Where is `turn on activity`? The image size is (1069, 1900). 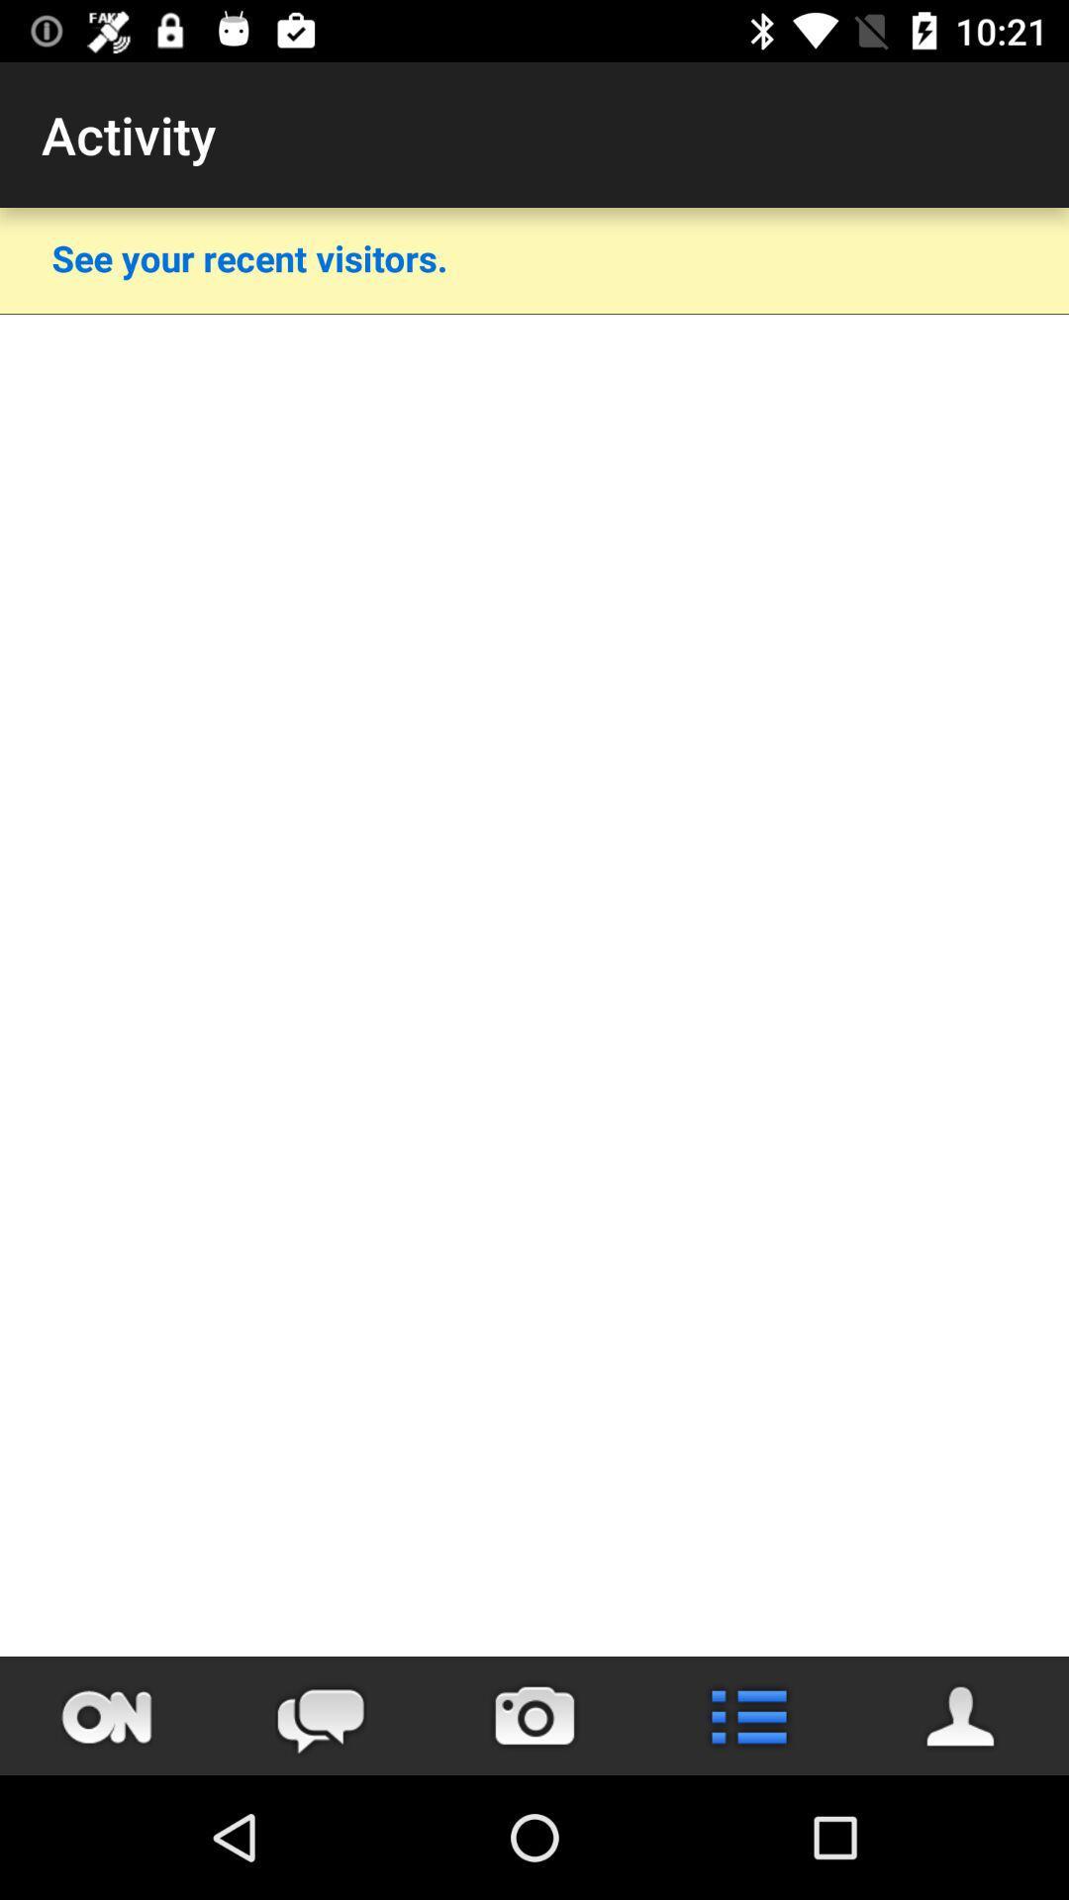
turn on activity is located at coordinates (107, 1715).